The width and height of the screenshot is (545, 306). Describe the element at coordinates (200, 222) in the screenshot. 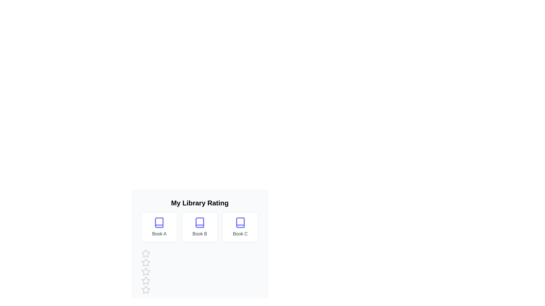

I see `the book icon for Book B` at that location.